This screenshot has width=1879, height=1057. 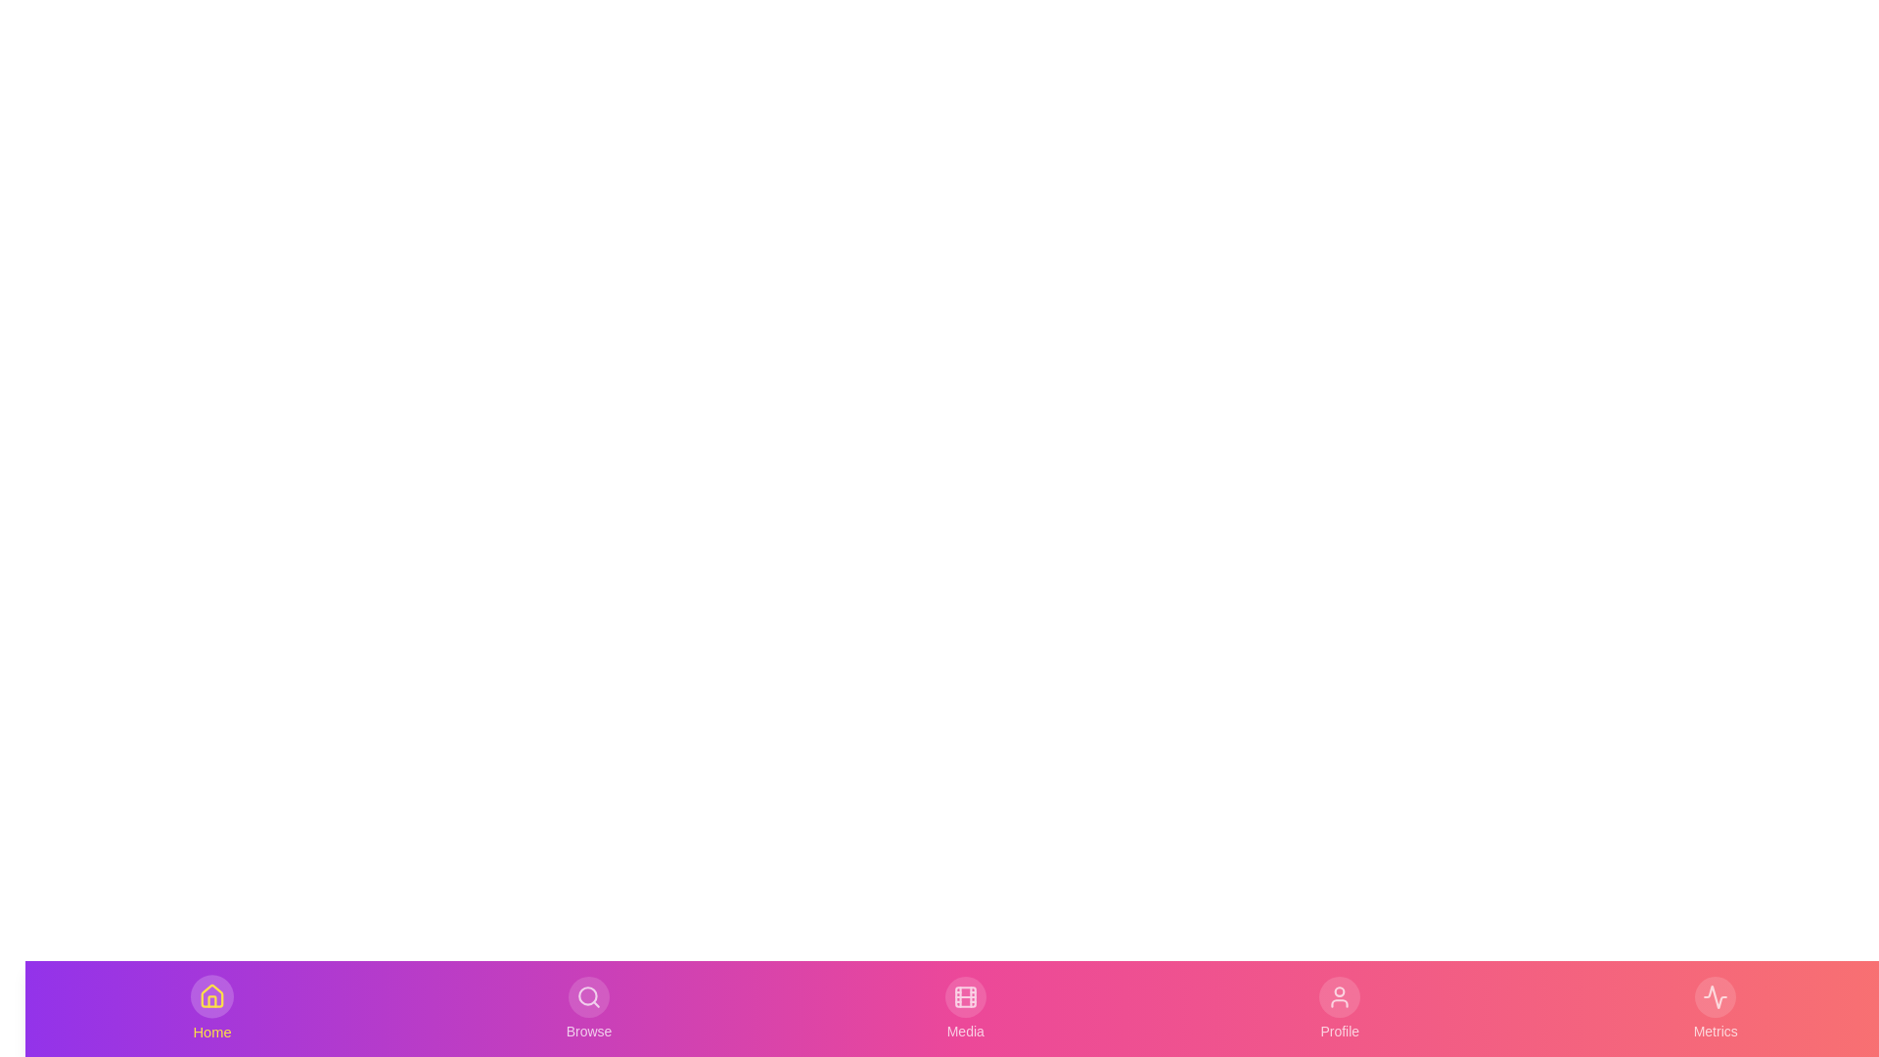 I want to click on the Profile tab to activate it, so click(x=1338, y=1008).